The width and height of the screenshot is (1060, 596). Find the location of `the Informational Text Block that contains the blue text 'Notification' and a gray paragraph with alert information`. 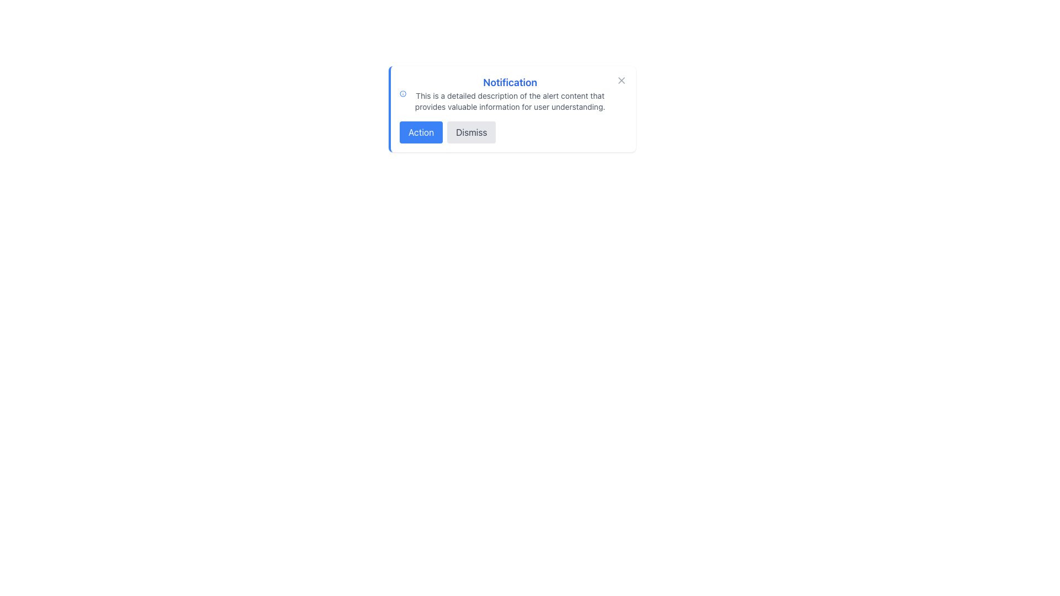

the Informational Text Block that contains the blue text 'Notification' and a gray paragraph with alert information is located at coordinates (503, 93).